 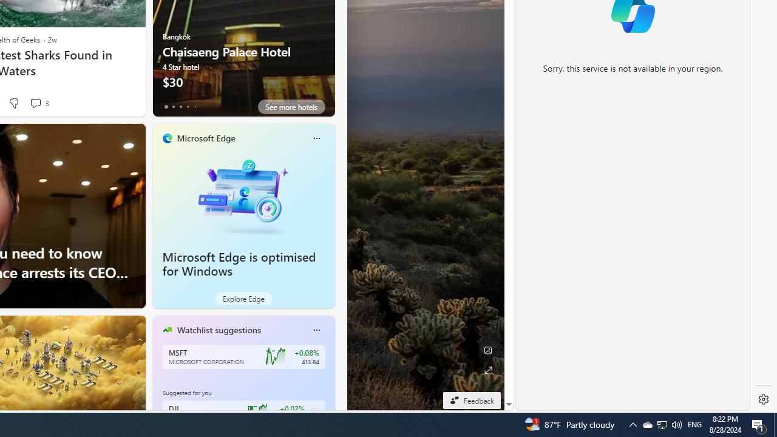 I want to click on 'Expand background', so click(x=487, y=370).